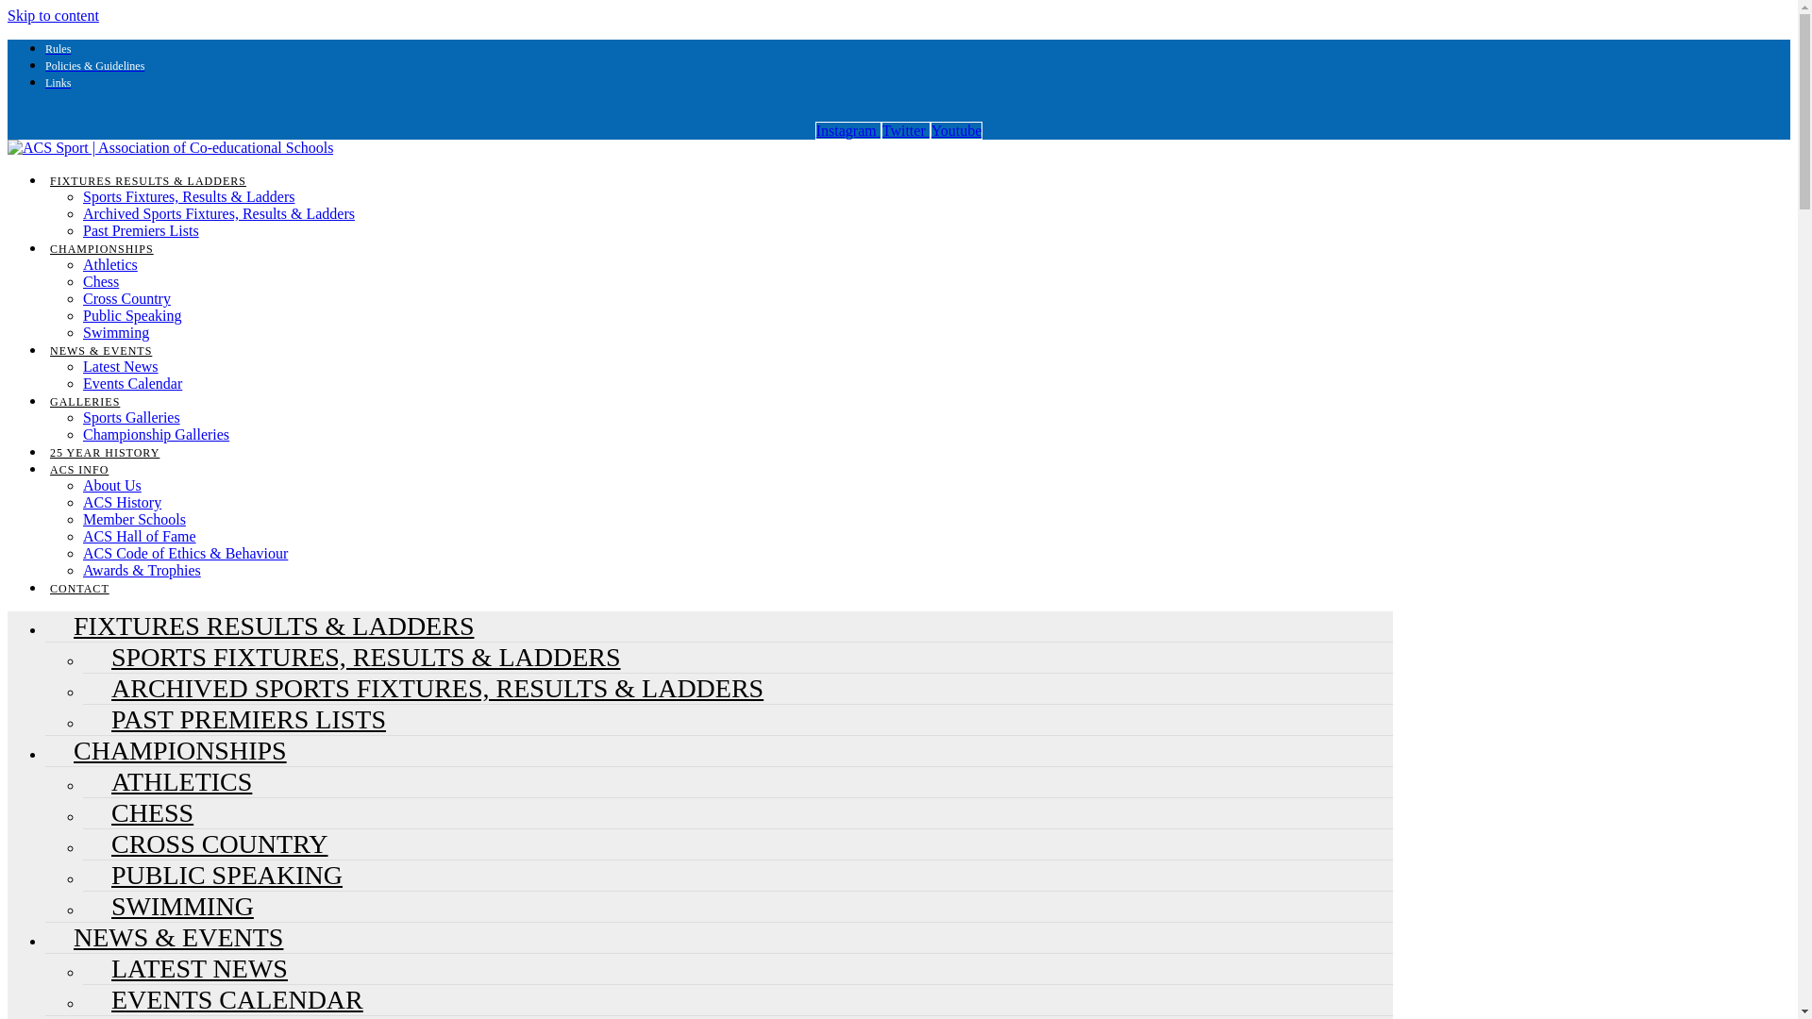  I want to click on 'Awards & Trophies', so click(81, 569).